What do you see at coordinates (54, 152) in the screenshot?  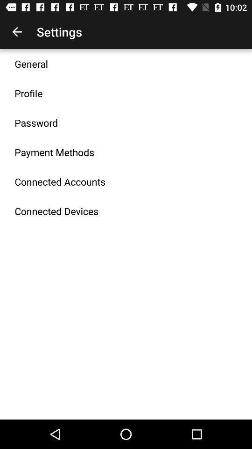 I see `the item above the connected accounts` at bounding box center [54, 152].